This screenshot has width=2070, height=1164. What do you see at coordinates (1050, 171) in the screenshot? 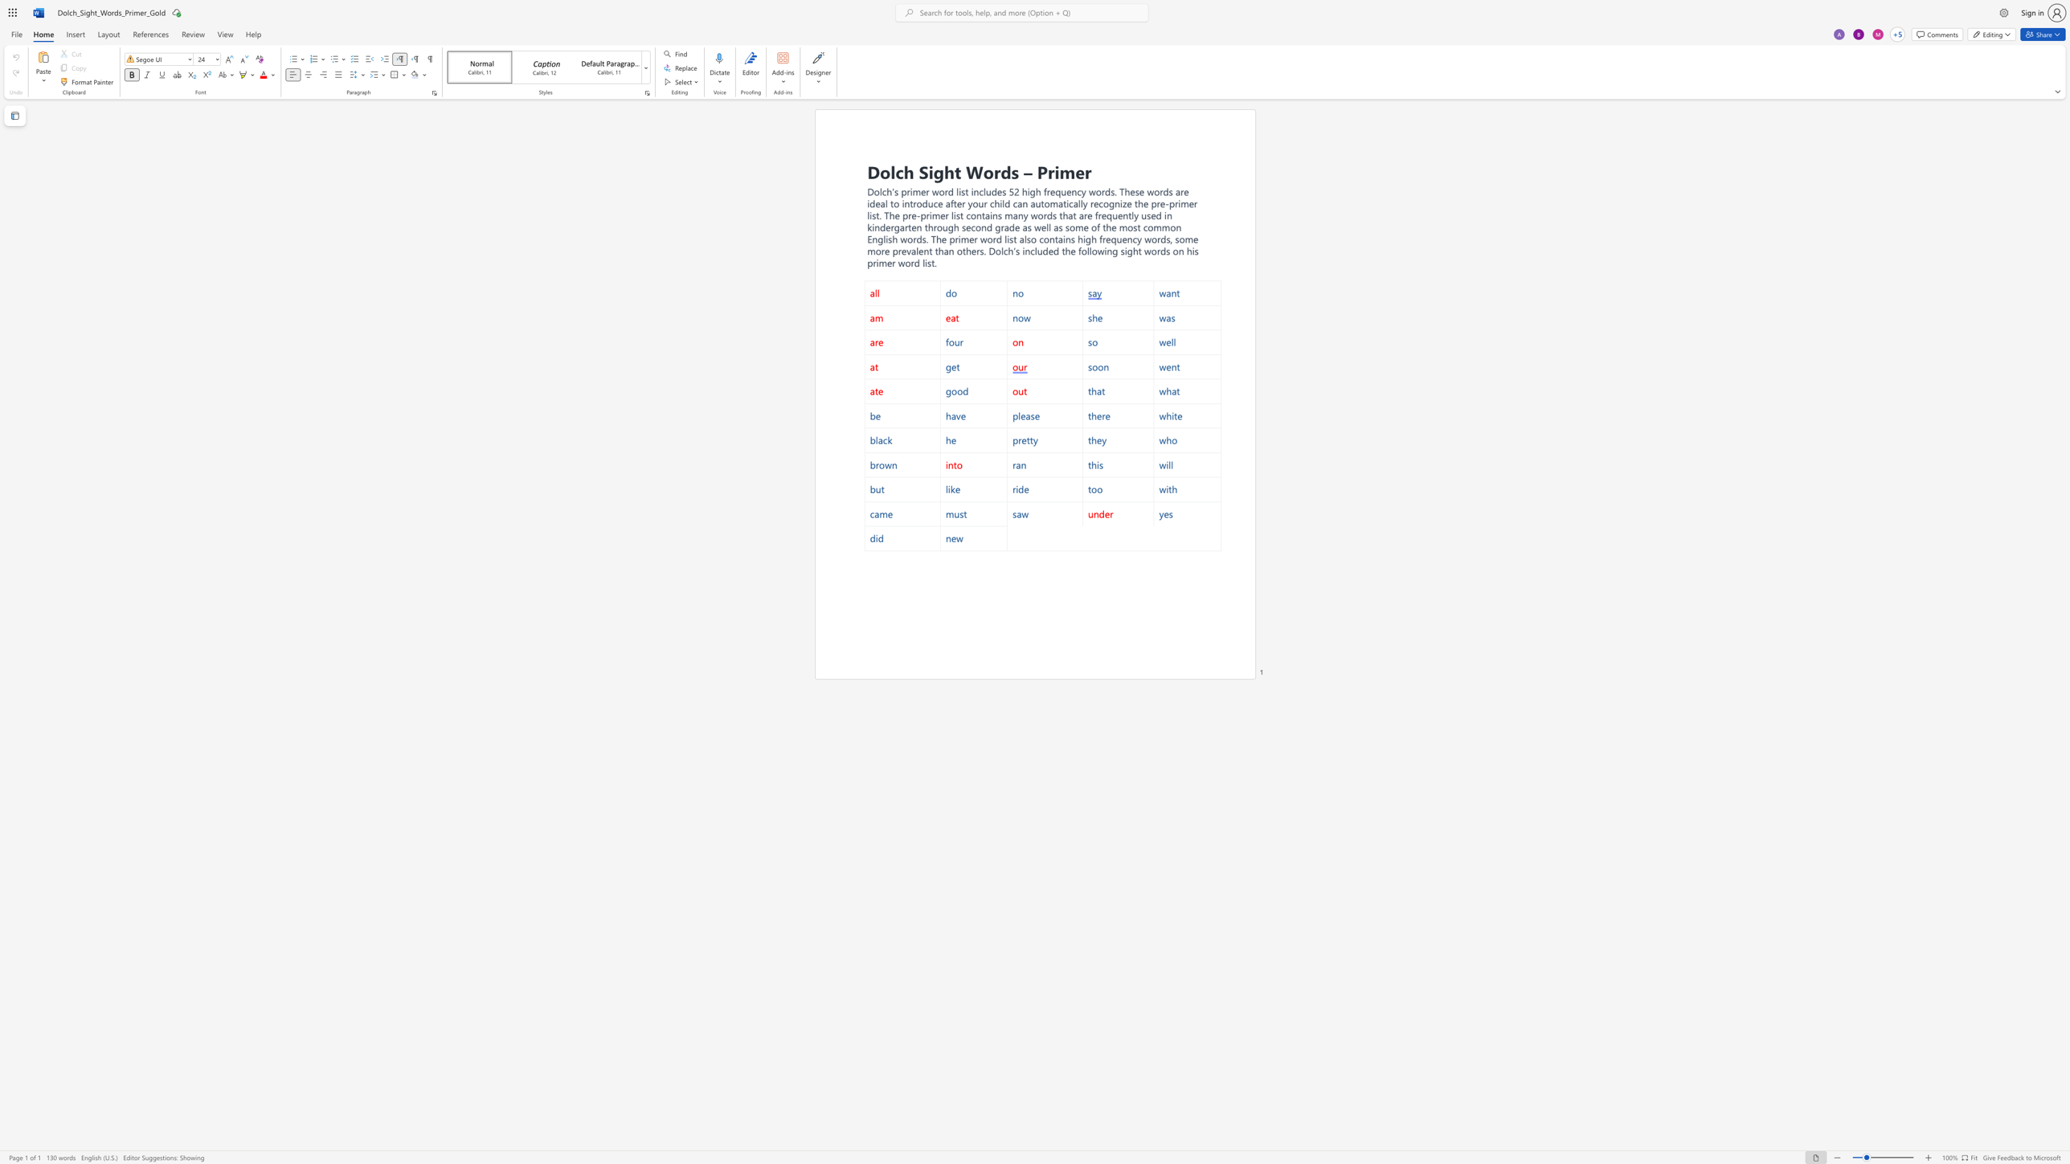
I see `the 2th character "r" in the text` at bounding box center [1050, 171].